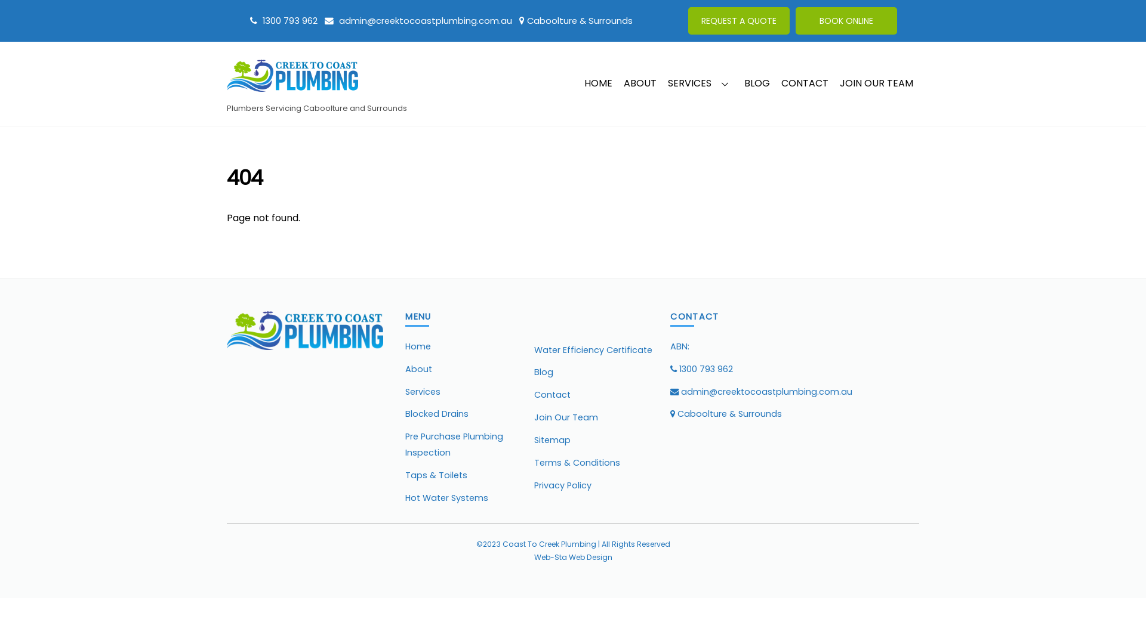 The width and height of the screenshot is (1146, 644). I want to click on 'Blocked Drains', so click(436, 413).